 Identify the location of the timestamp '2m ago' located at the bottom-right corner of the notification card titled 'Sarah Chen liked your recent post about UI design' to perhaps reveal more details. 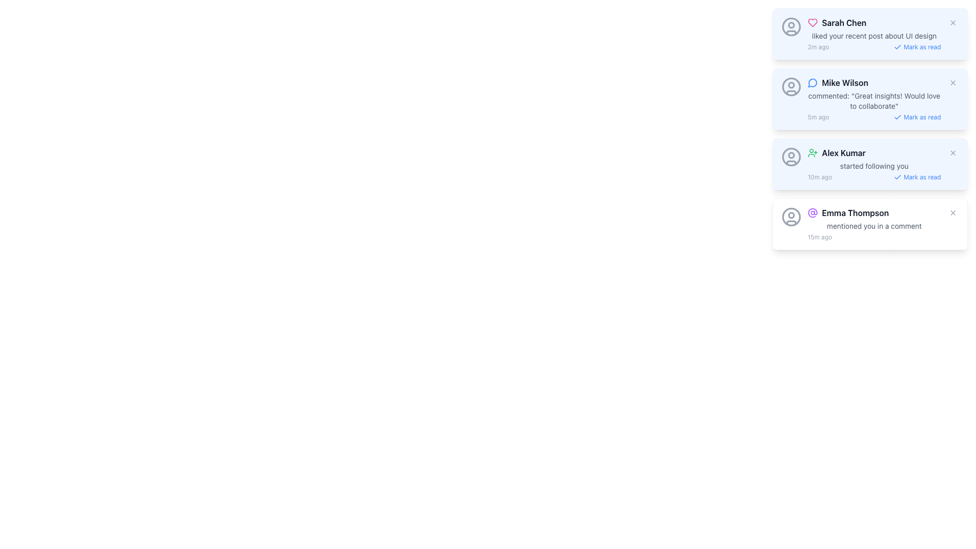
(873, 47).